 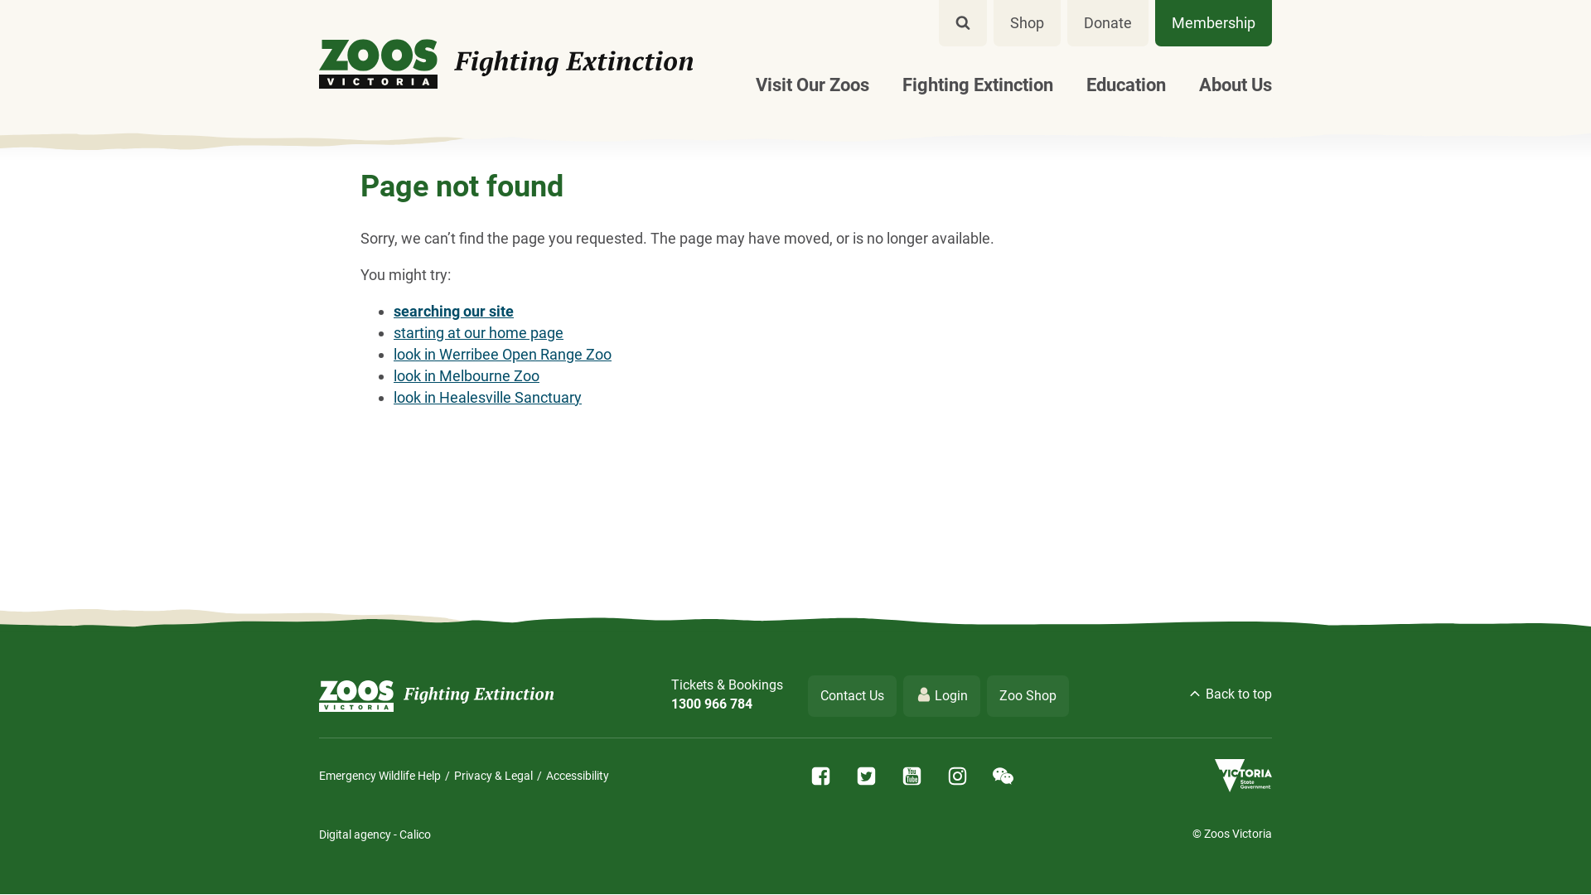 I want to click on 'Login', so click(x=902, y=696).